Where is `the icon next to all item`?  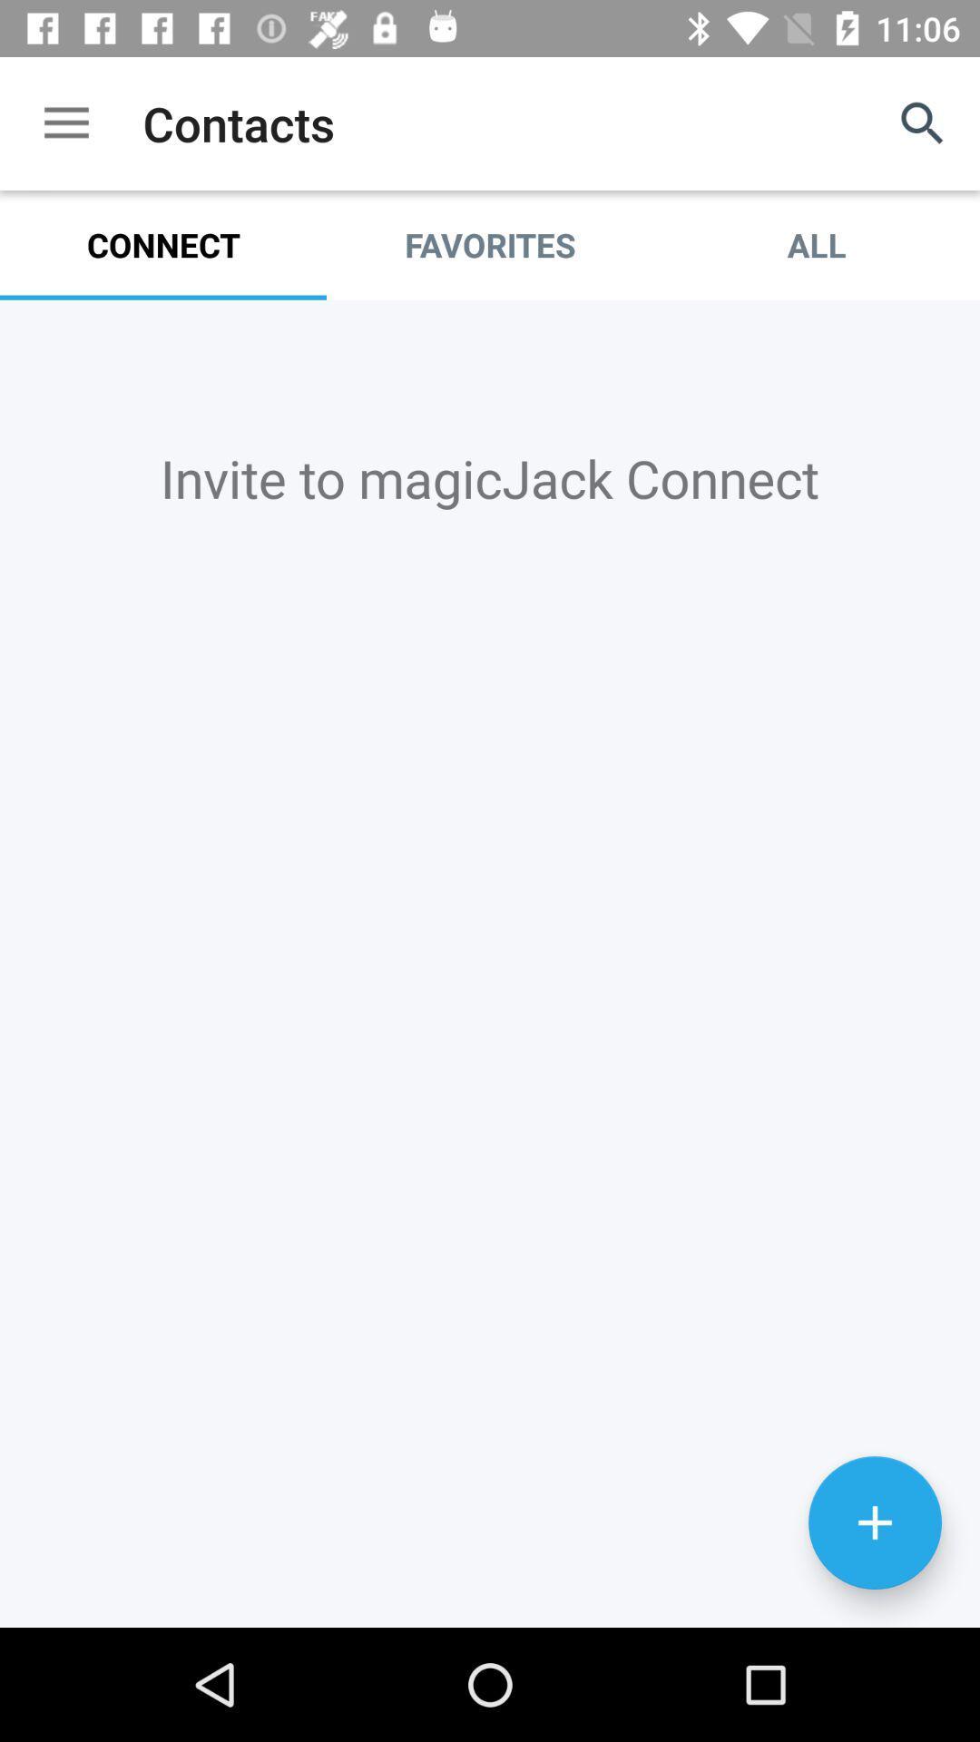 the icon next to all item is located at coordinates (490, 244).